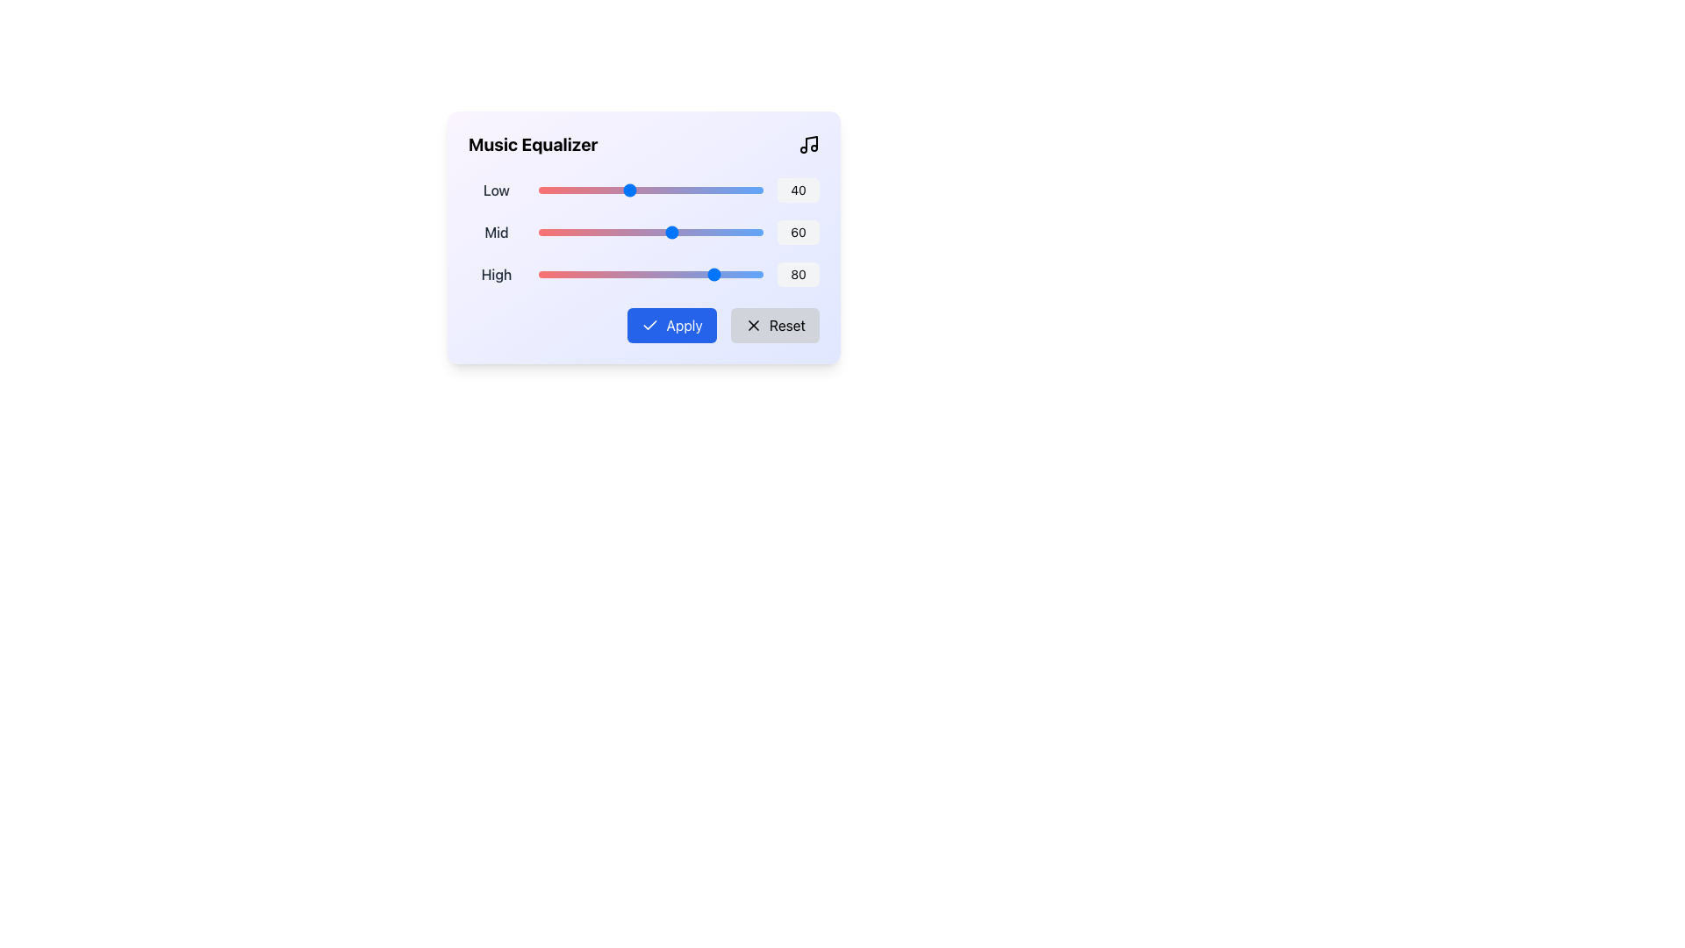 Image resolution: width=1685 pixels, height=948 pixels. Describe the element at coordinates (621, 274) in the screenshot. I see `the 'High' audio frequency` at that location.